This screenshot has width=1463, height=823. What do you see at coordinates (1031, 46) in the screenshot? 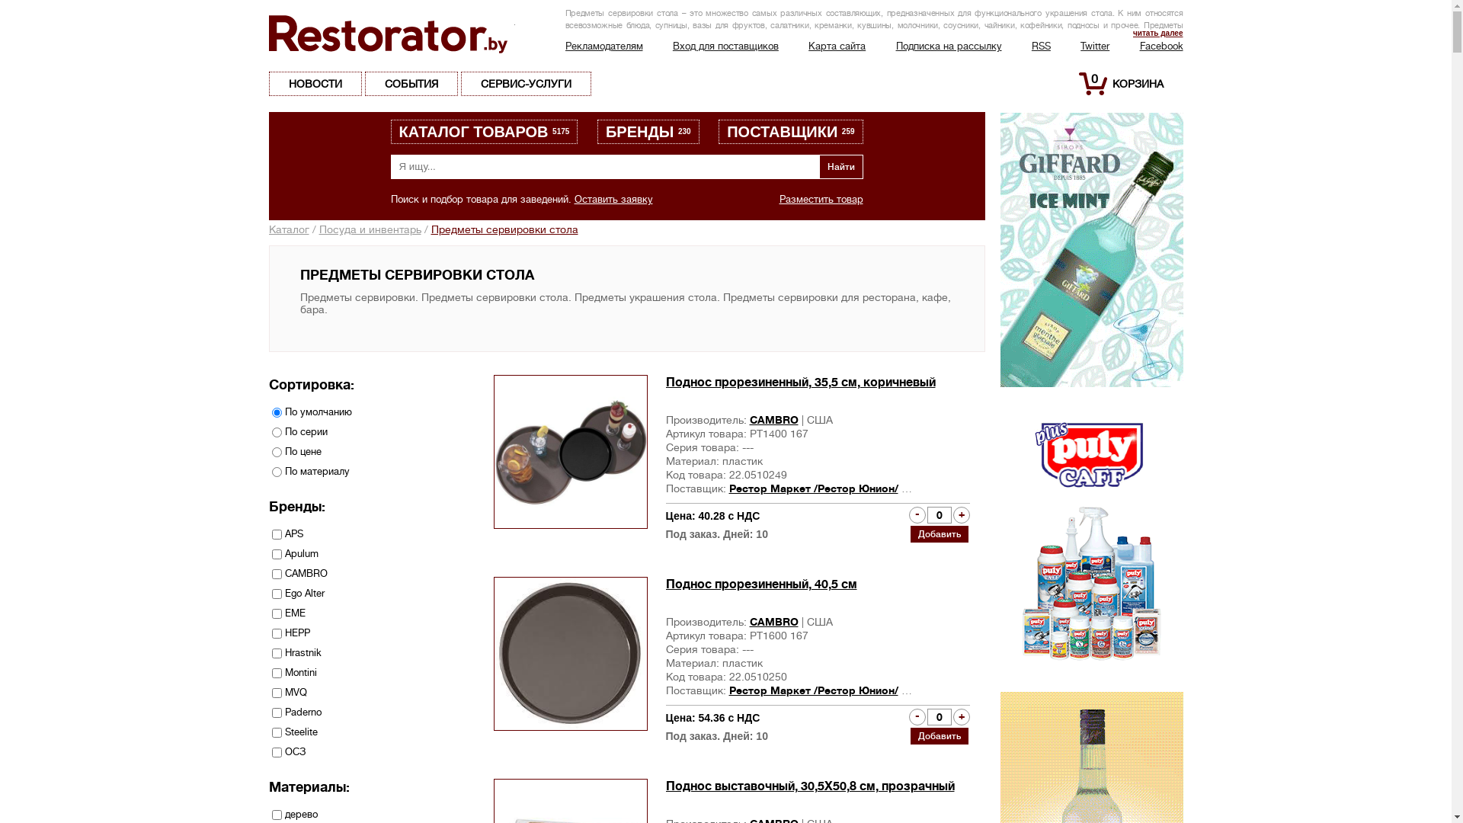
I see `'RSS'` at bounding box center [1031, 46].